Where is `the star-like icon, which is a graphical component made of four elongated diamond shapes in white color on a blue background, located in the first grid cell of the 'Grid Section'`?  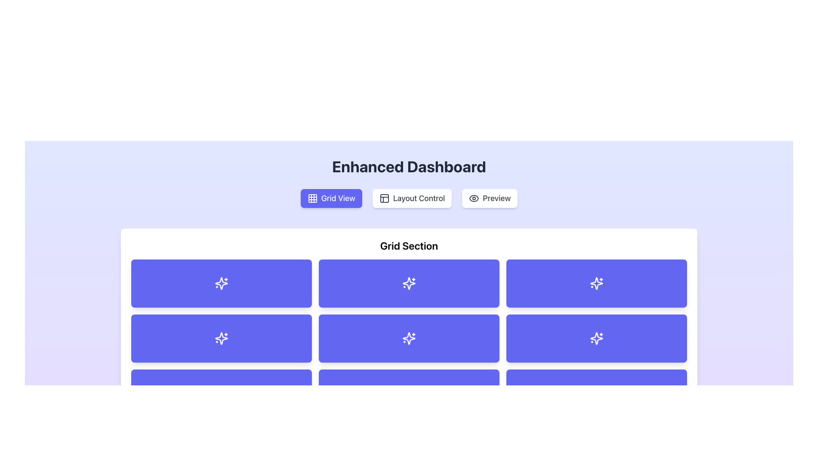
the star-like icon, which is a graphical component made of four elongated diamond shapes in white color on a blue background, located in the first grid cell of the 'Grid Section' is located at coordinates (222, 283).